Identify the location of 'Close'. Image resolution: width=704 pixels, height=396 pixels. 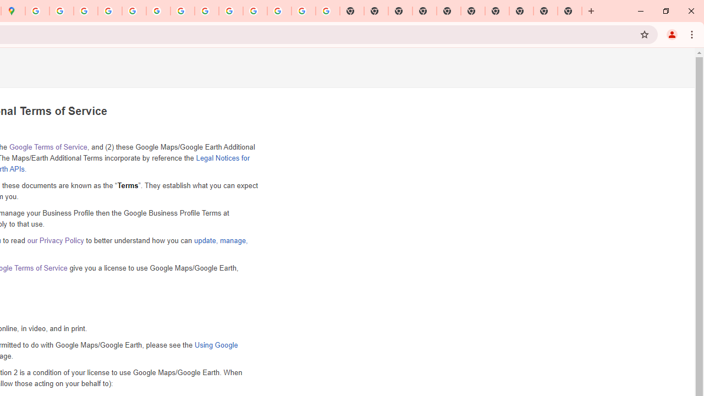
(690, 11).